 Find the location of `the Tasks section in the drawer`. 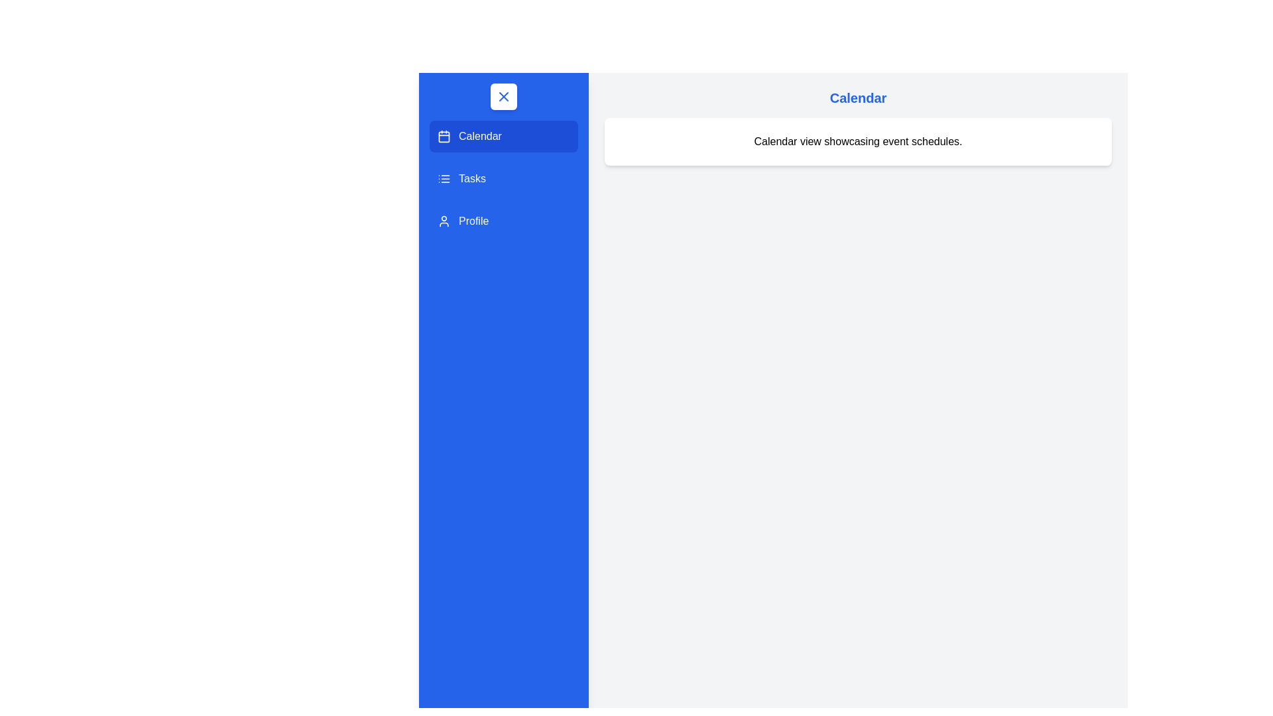

the Tasks section in the drawer is located at coordinates (503, 179).